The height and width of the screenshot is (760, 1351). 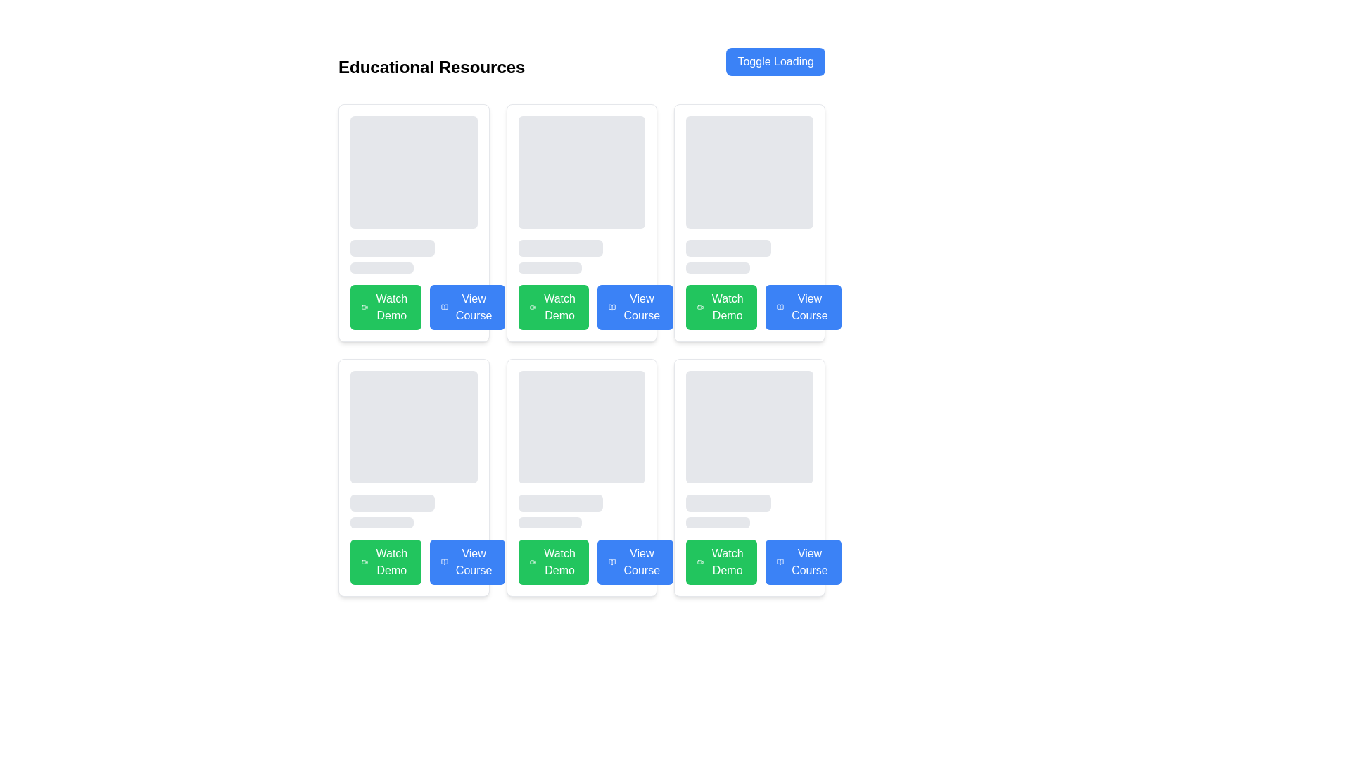 I want to click on the 'View Course' button, which is a rectangular button with rounded corners, a blue background, and white text that reads 'View Course', located to the right of the 'Watch Demo' button in a group of buttons, so click(x=803, y=306).